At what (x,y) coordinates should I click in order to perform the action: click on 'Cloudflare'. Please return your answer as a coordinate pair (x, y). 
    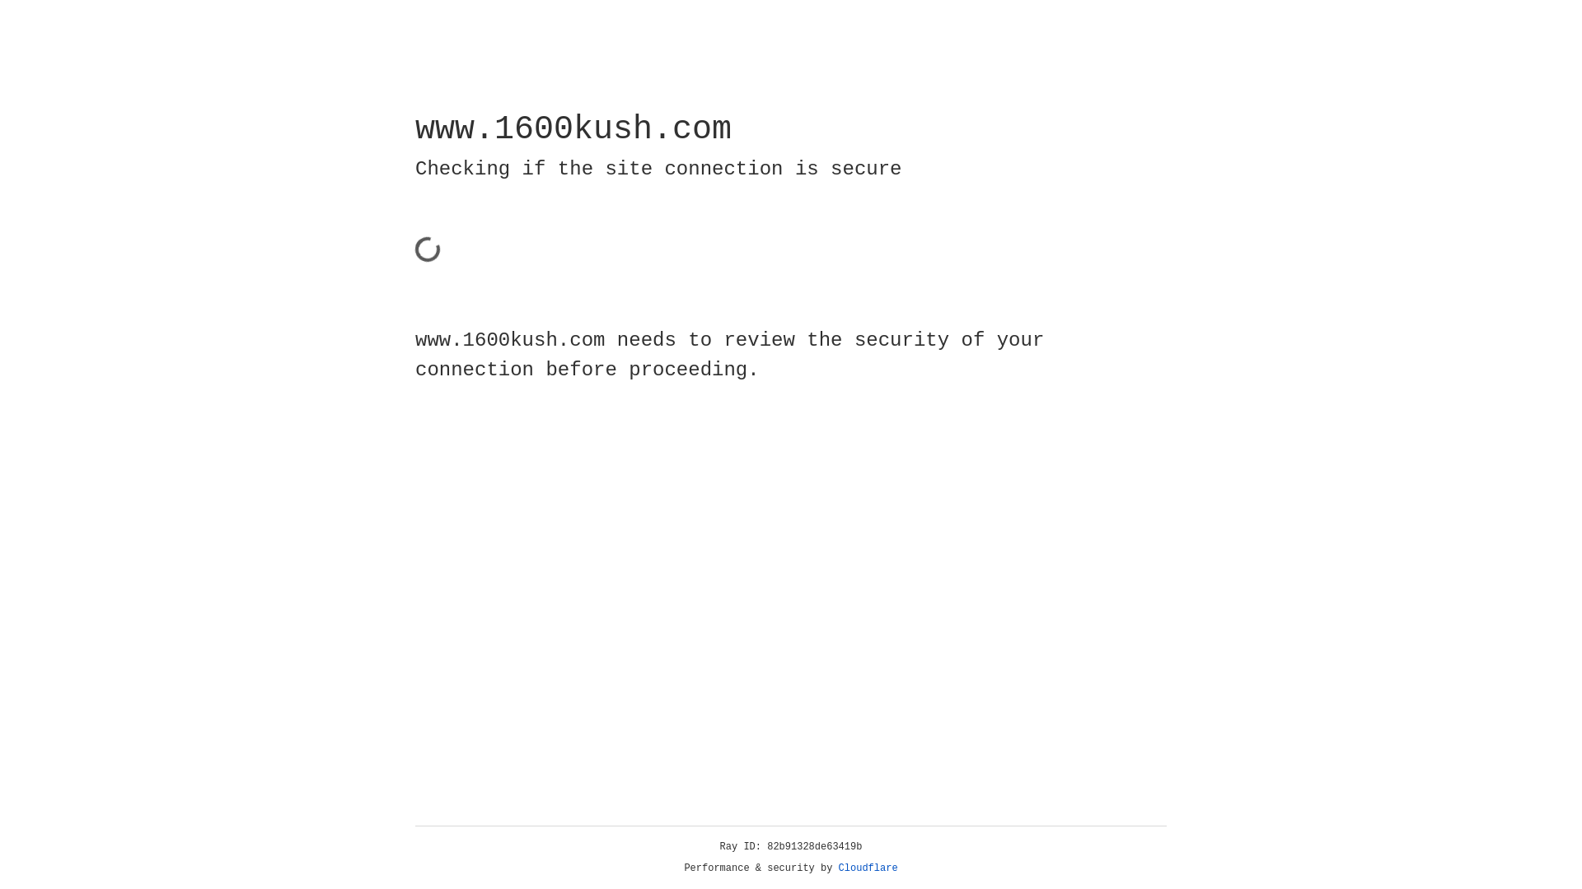
    Looking at the image, I should click on (868, 868).